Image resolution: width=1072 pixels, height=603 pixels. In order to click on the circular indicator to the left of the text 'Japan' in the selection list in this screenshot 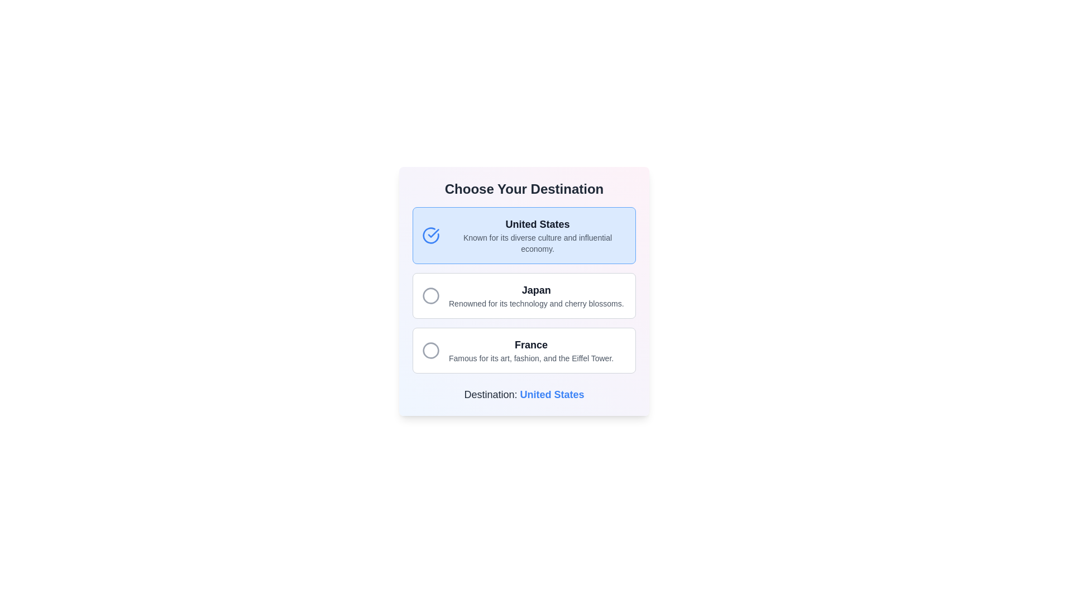, I will do `click(430, 295)`.